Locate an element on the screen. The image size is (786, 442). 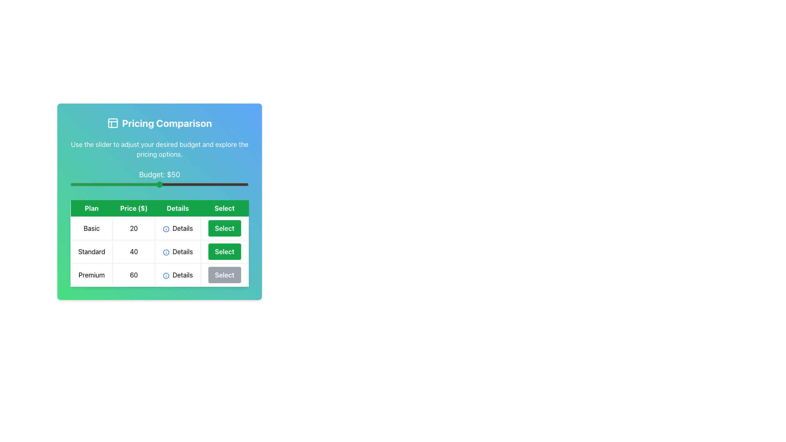
the button in the 'Details' column for the 'Premium' plan is located at coordinates (177, 275).